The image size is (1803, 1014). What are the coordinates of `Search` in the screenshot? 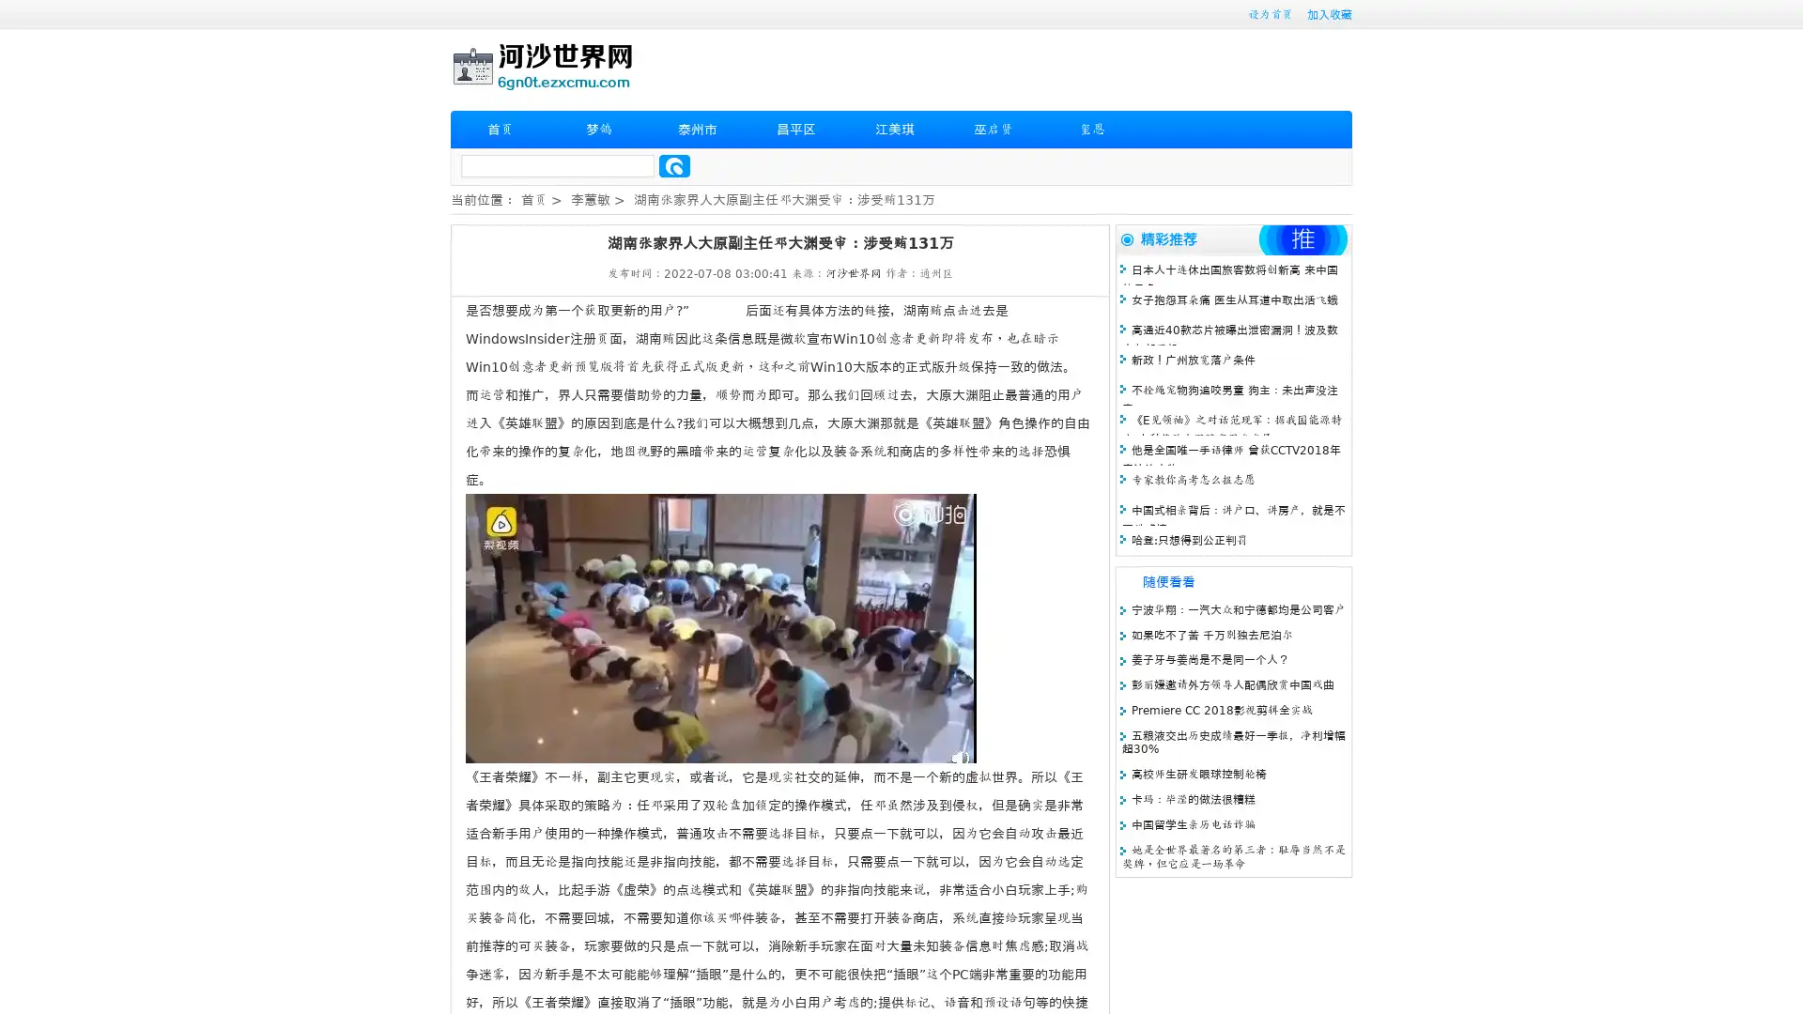 It's located at (674, 165).